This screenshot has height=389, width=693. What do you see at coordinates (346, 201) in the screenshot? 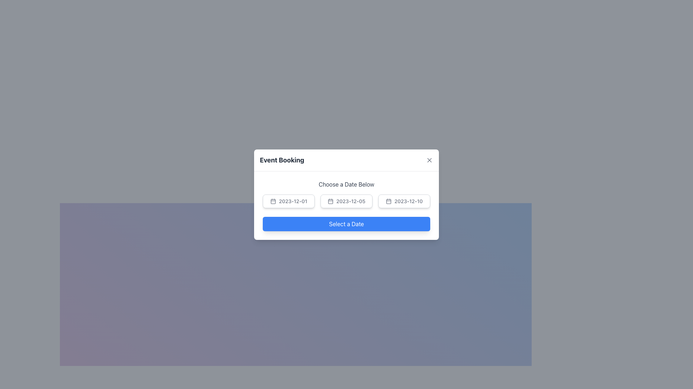
I see `the date selection button for '2023-12-05' located in the 'Choose a Date Below' section` at bounding box center [346, 201].